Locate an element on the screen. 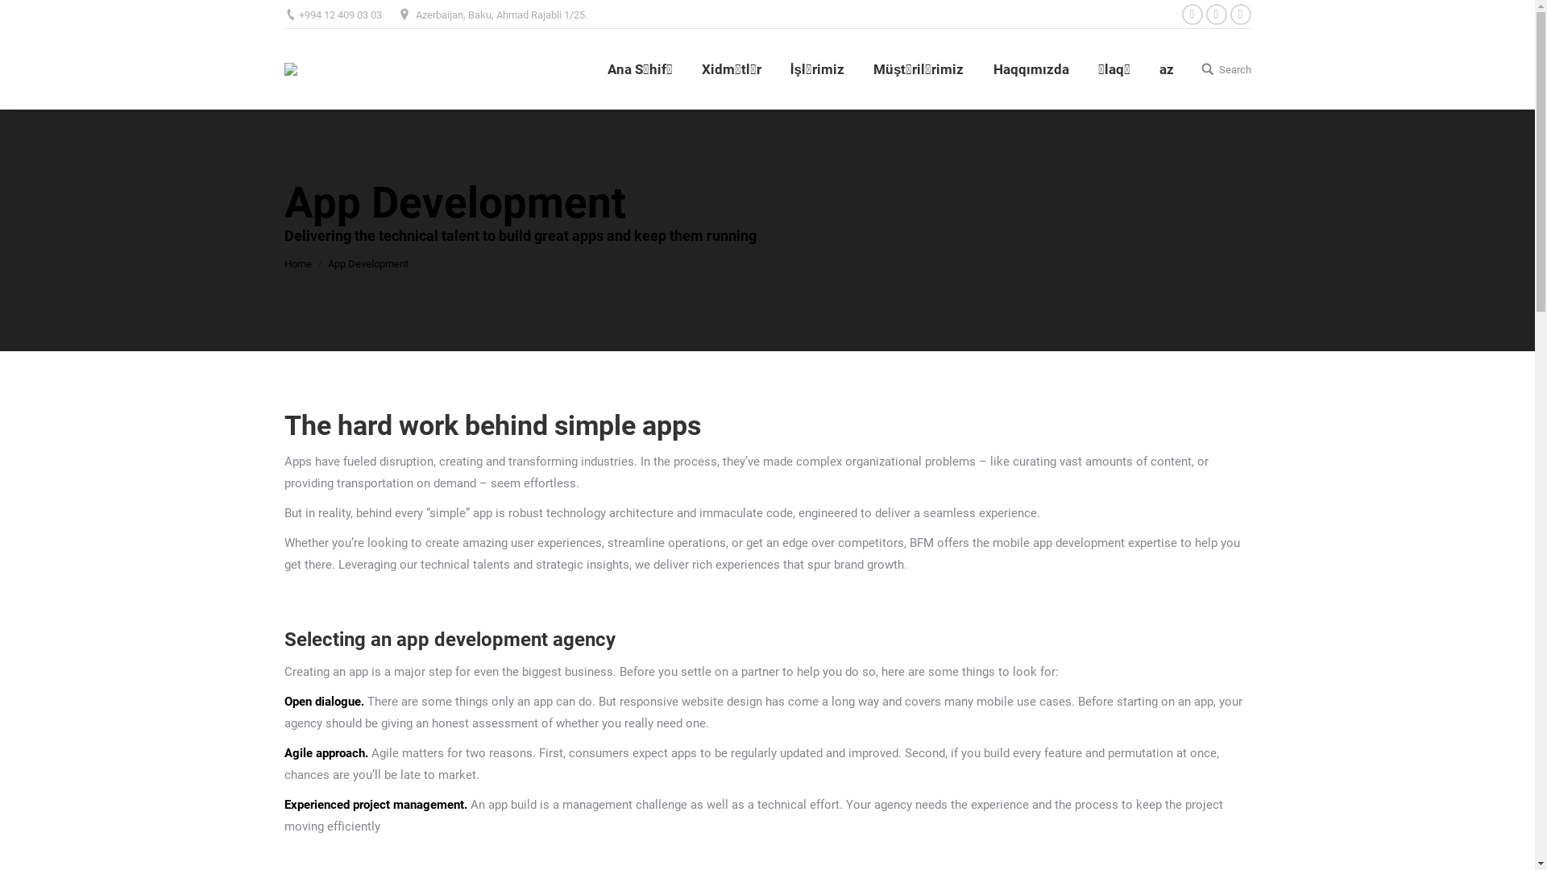 The image size is (1547, 870). 'Facebook' is located at coordinates (1191, 14).